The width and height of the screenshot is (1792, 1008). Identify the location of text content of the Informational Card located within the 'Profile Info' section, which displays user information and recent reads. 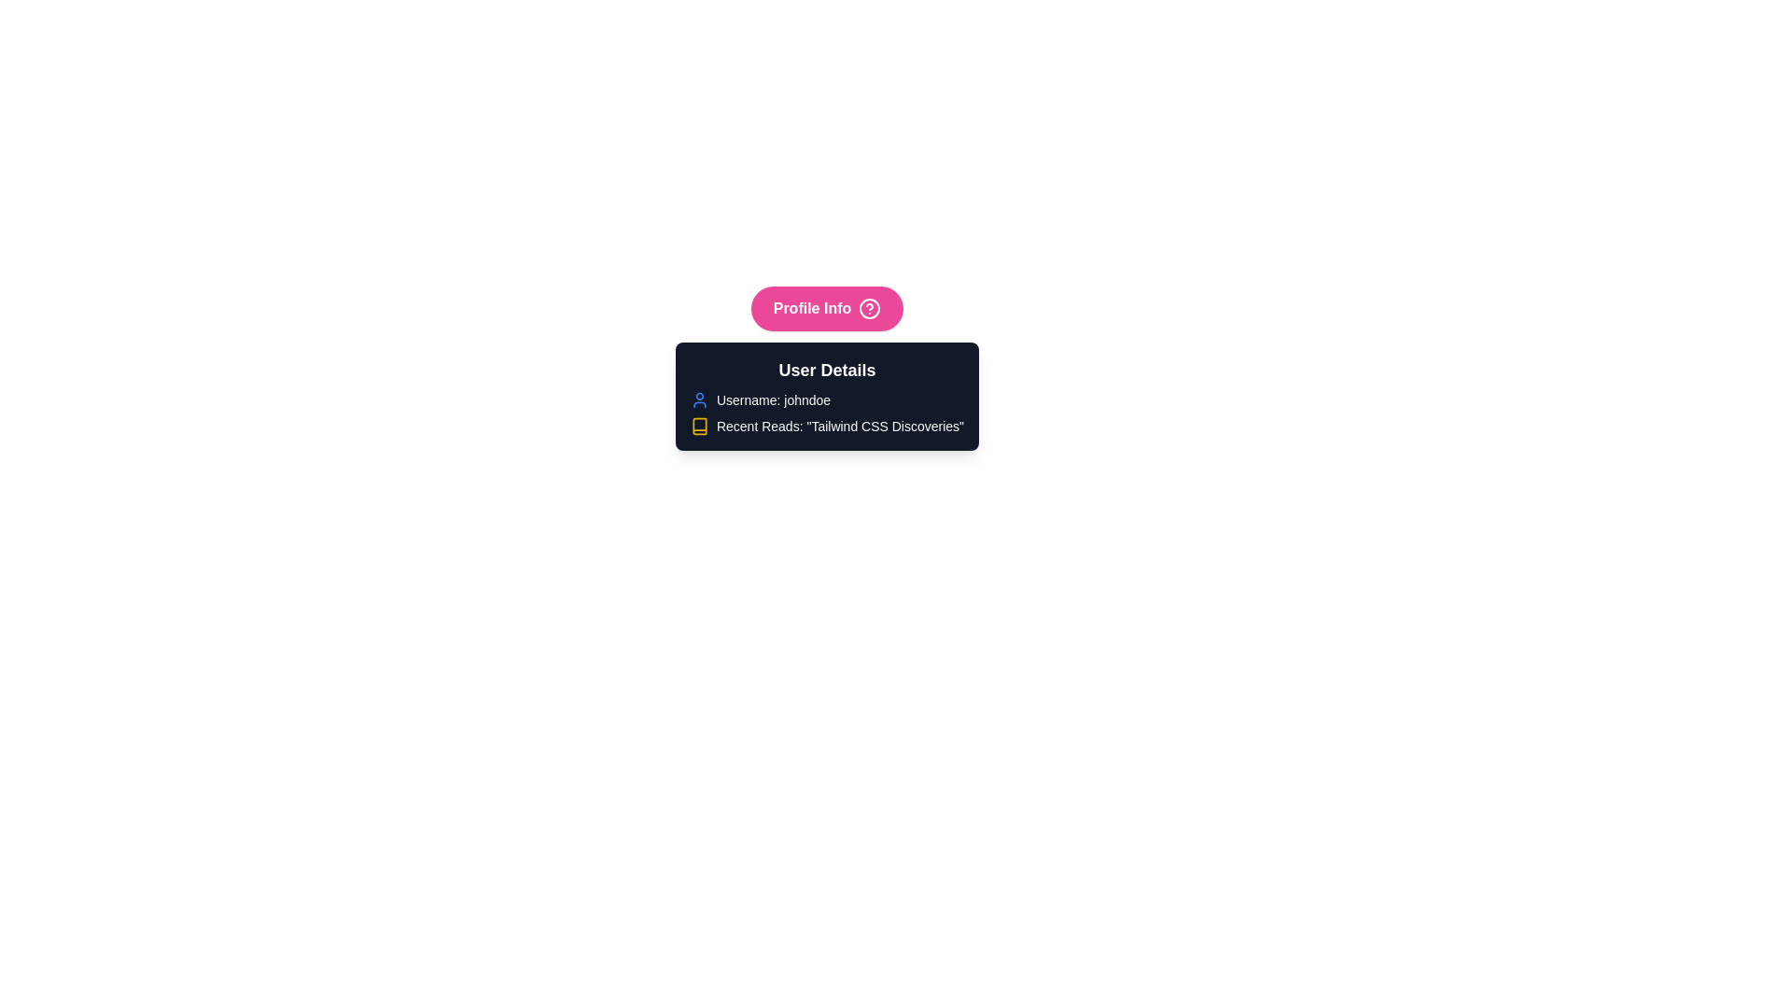
(826, 395).